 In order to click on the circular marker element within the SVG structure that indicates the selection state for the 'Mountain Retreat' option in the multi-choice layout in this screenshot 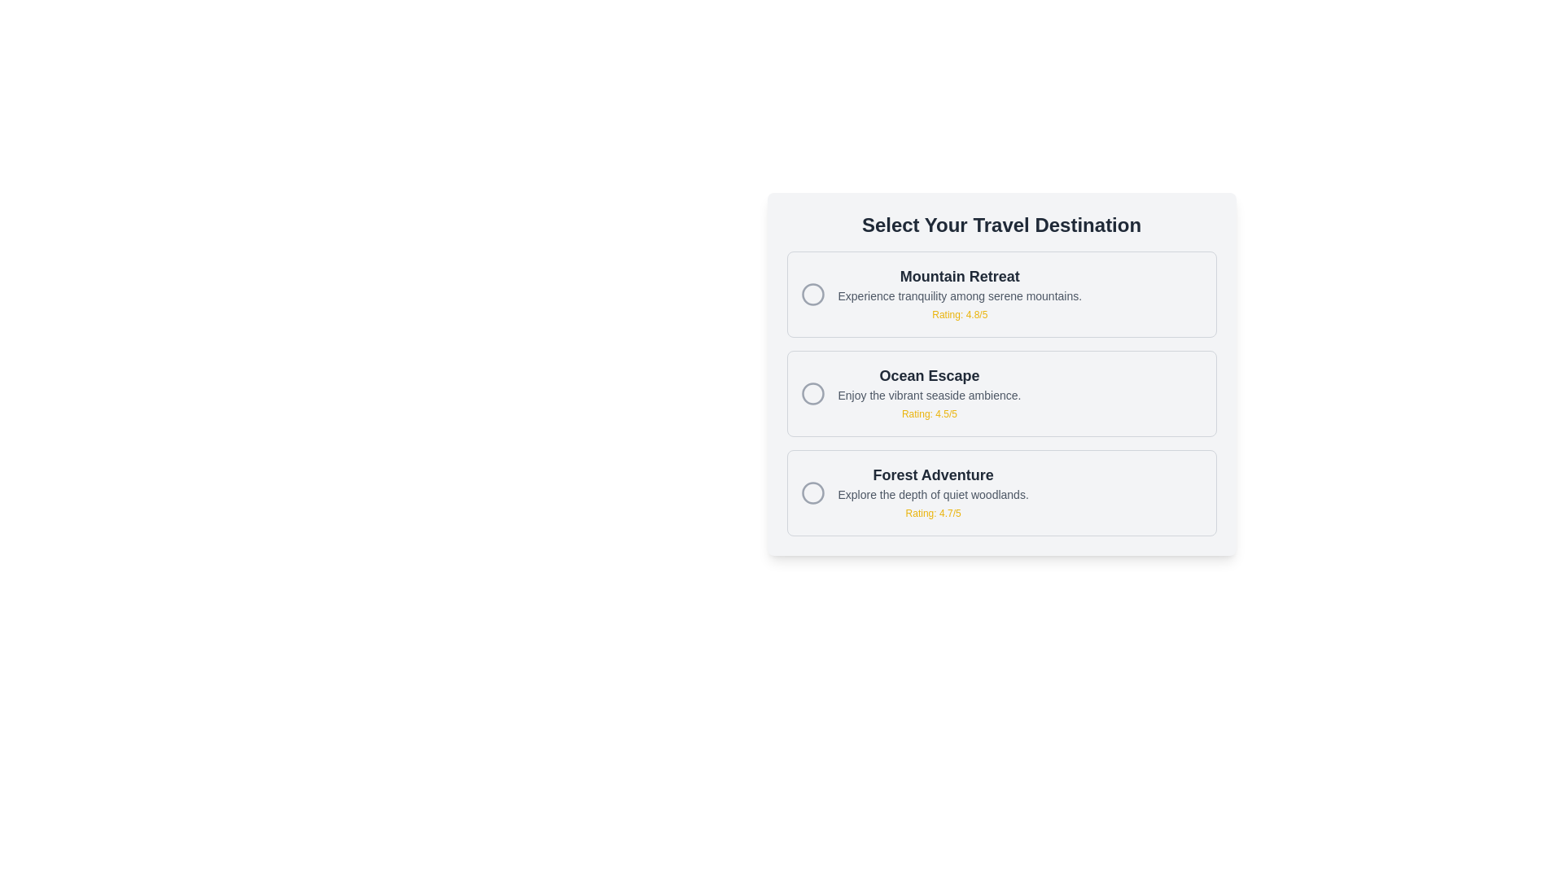, I will do `click(812, 295)`.